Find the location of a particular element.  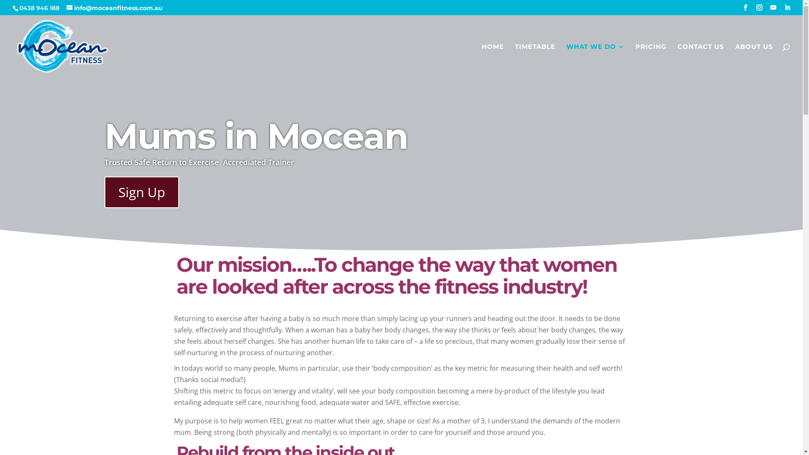

'PRICING' is located at coordinates (651, 61).